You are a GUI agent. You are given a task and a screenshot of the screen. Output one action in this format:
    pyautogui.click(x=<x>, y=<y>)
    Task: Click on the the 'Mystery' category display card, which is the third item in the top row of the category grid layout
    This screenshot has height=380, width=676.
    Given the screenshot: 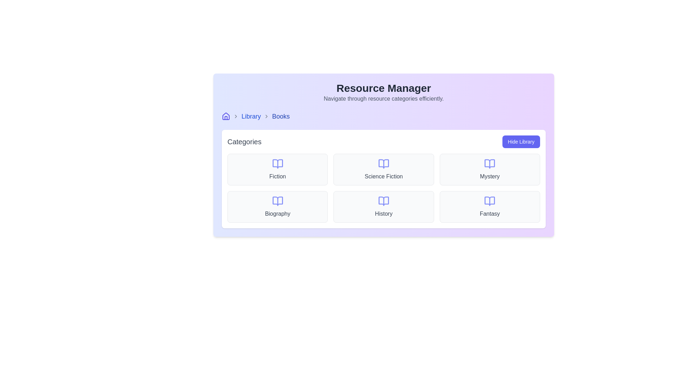 What is the action you would take?
    pyautogui.click(x=489, y=170)
    